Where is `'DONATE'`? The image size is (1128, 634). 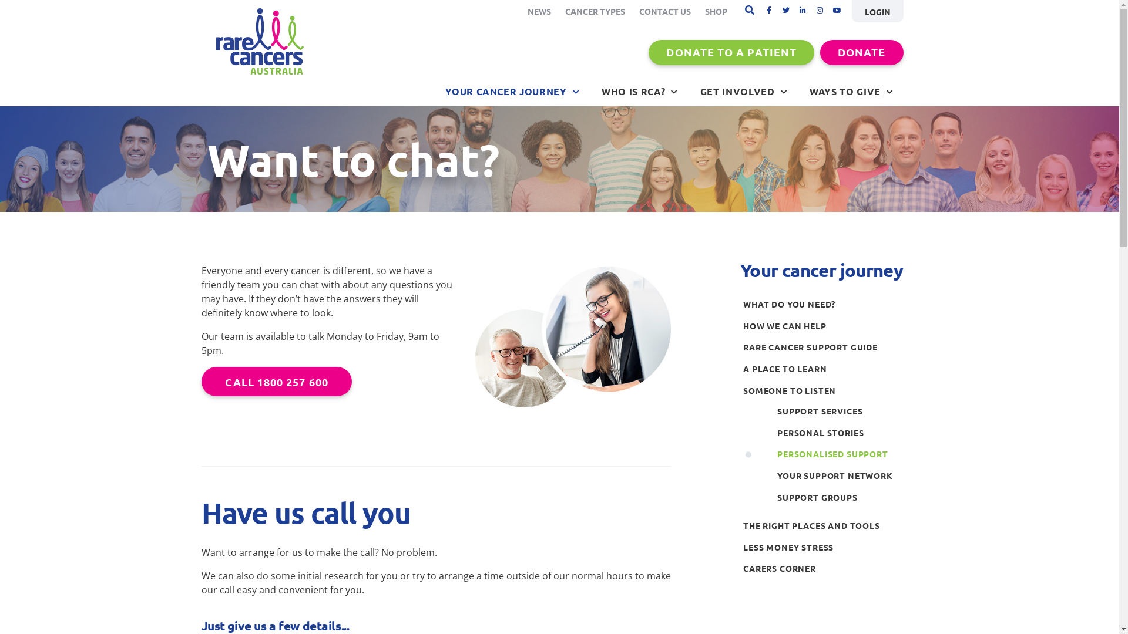 'DONATE' is located at coordinates (861, 52).